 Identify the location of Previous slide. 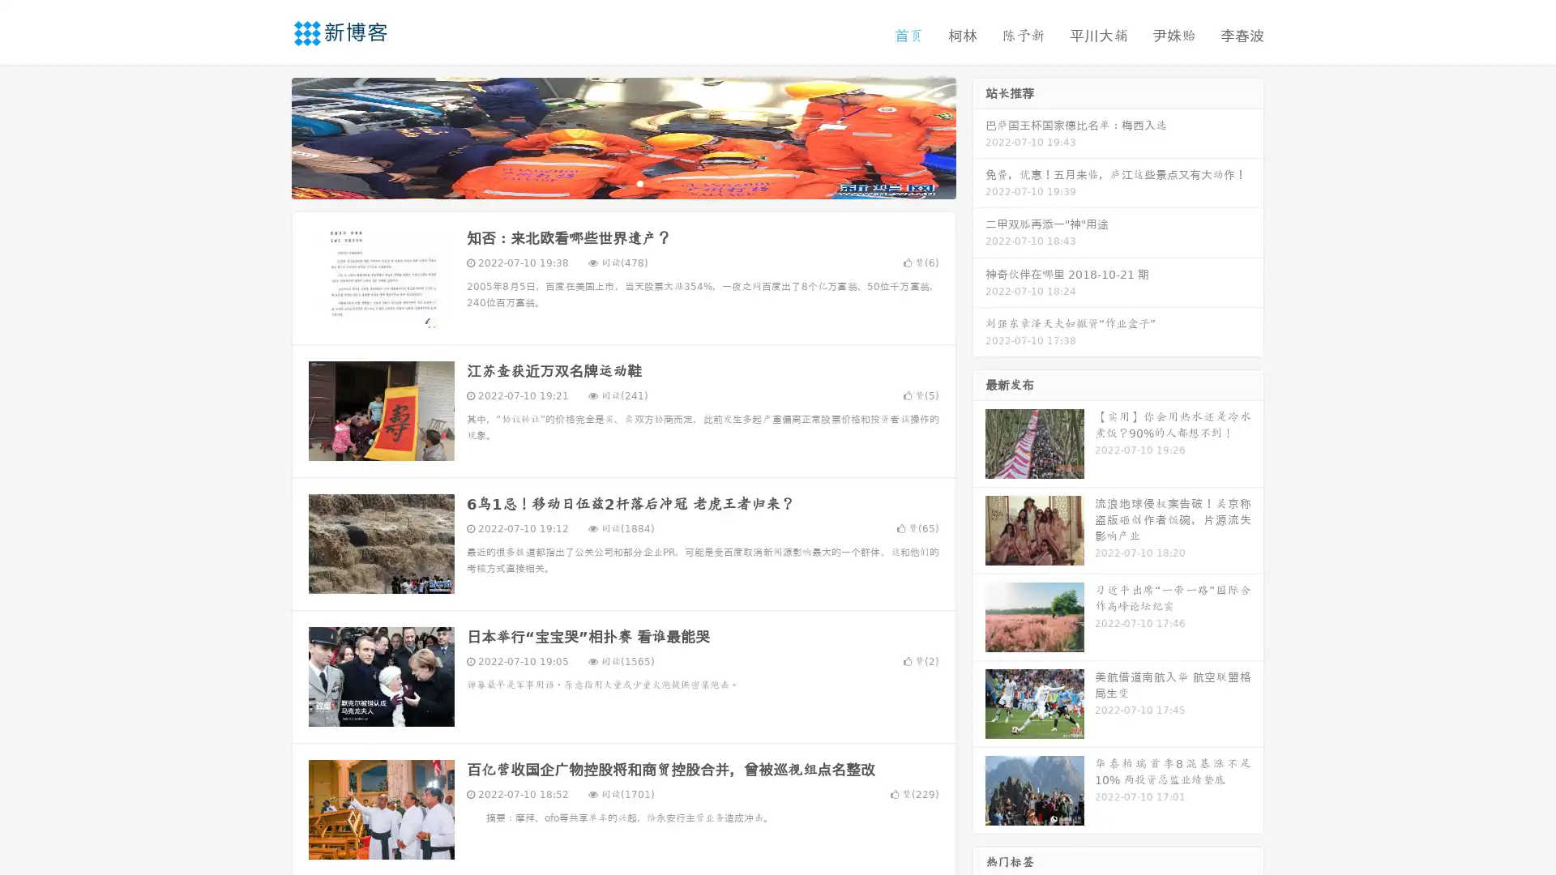
(267, 136).